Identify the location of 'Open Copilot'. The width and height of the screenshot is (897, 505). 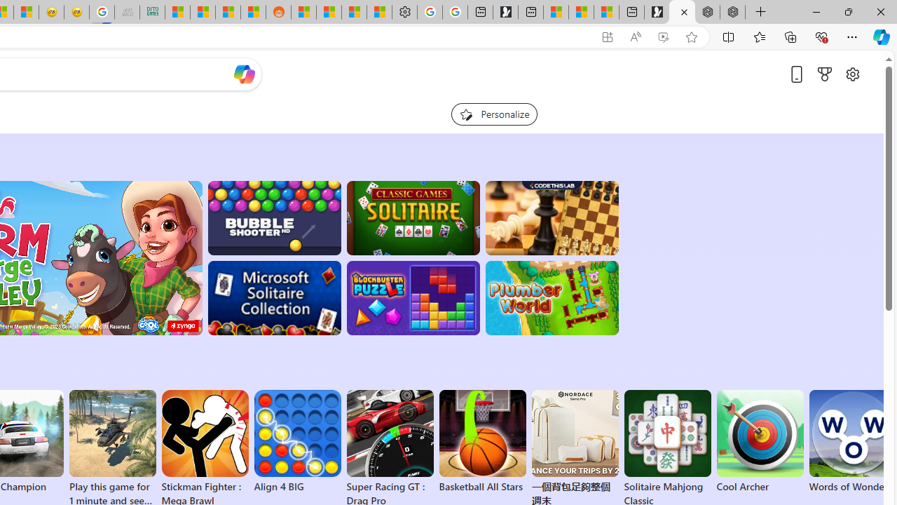
(244, 74).